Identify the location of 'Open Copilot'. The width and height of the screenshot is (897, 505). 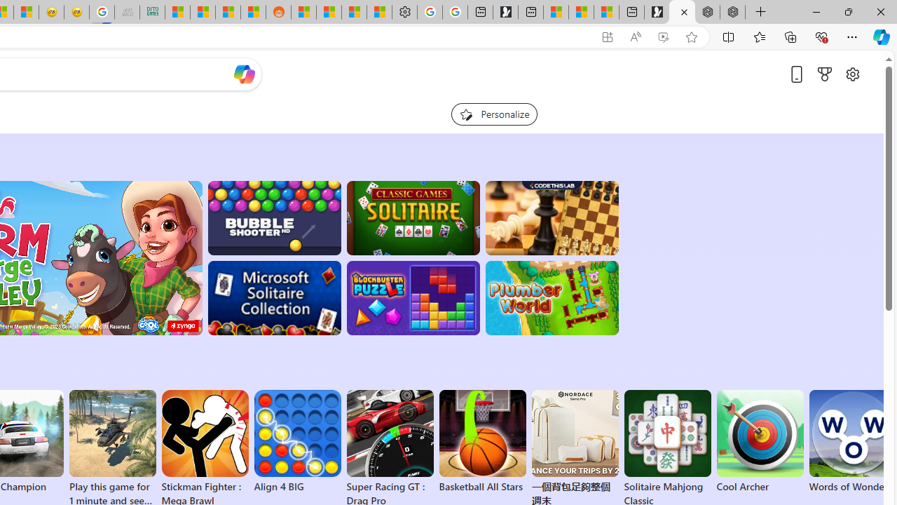
(244, 74).